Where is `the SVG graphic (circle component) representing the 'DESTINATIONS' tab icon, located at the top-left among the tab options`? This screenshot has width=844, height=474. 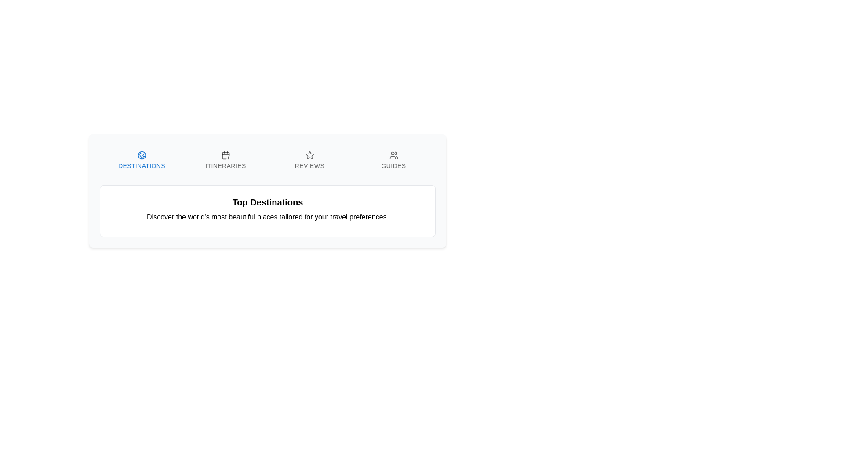
the SVG graphic (circle component) representing the 'DESTINATIONS' tab icon, located at the top-left among the tab options is located at coordinates (142, 155).